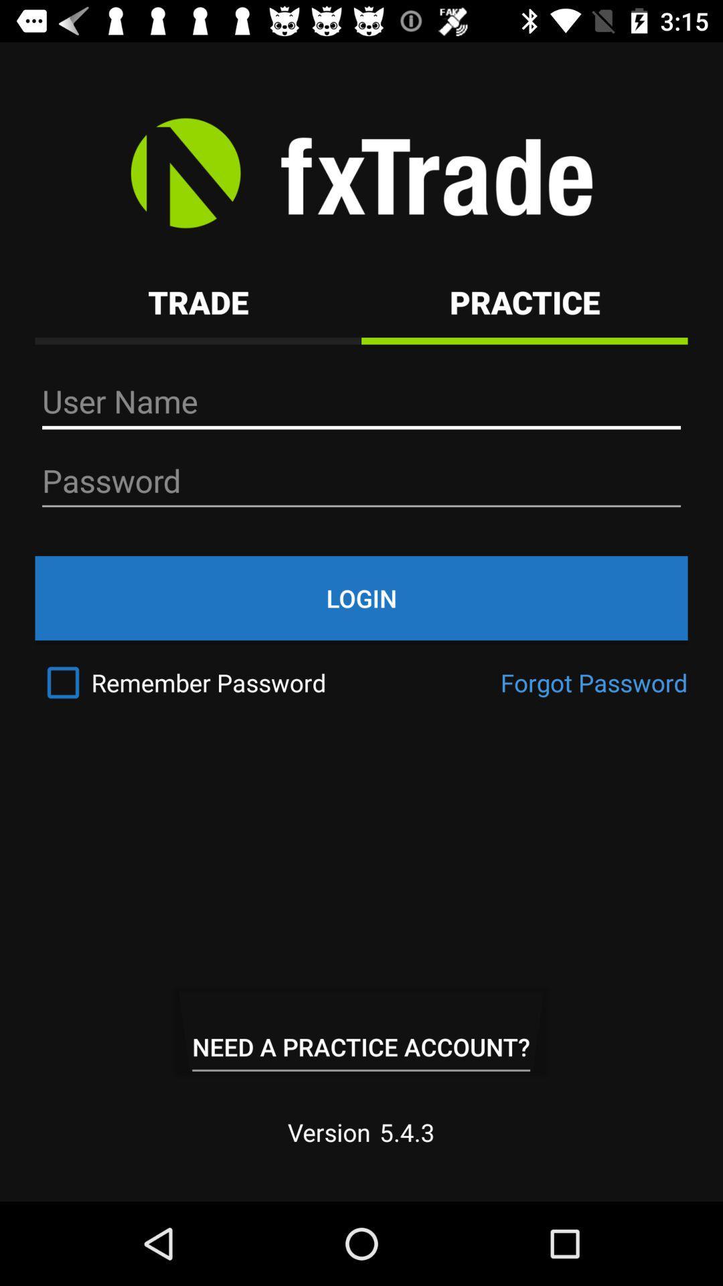 The width and height of the screenshot is (723, 1286). What do you see at coordinates (593, 683) in the screenshot?
I see `the button which is next to the remember password` at bounding box center [593, 683].